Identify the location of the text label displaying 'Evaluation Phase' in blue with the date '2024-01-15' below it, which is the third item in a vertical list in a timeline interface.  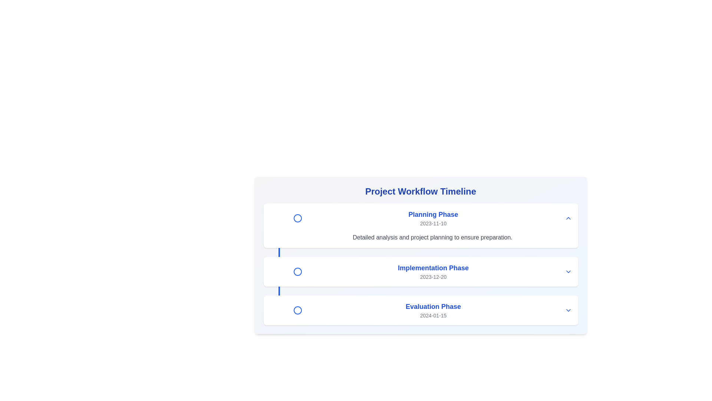
(433, 310).